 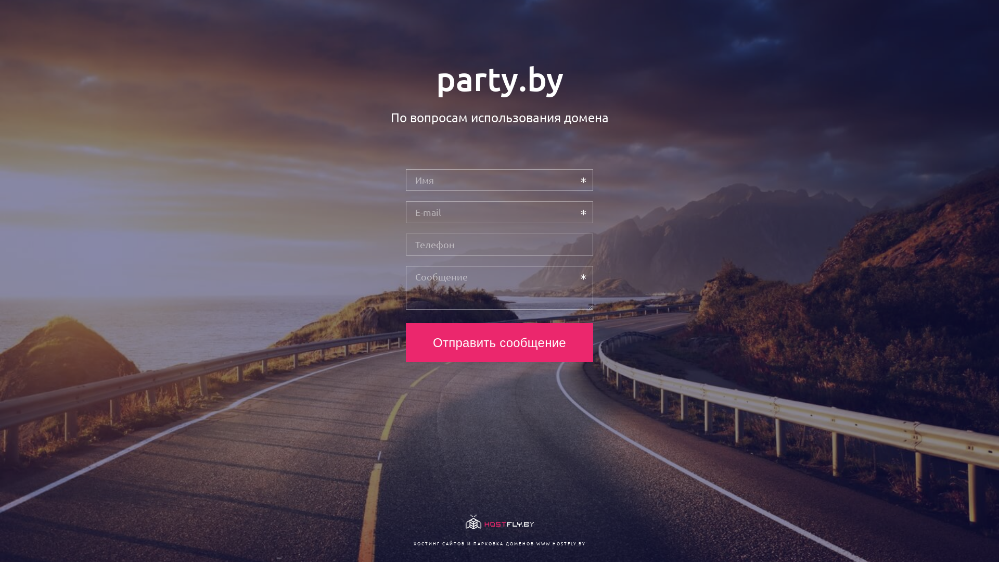 I want to click on 'WWW.HOSTFLY.BY', so click(x=536, y=543).